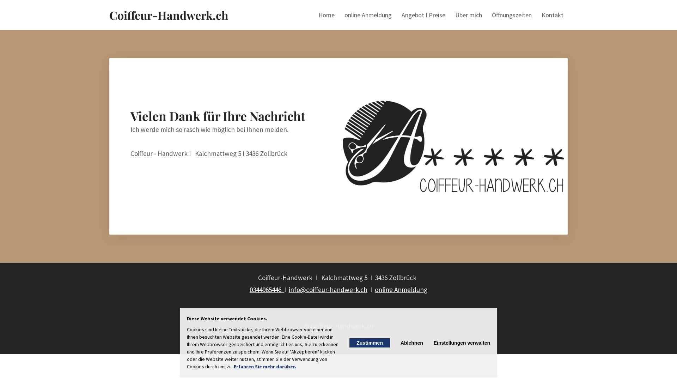 The width and height of the screenshot is (677, 381). I want to click on 'Home', so click(326, 15).